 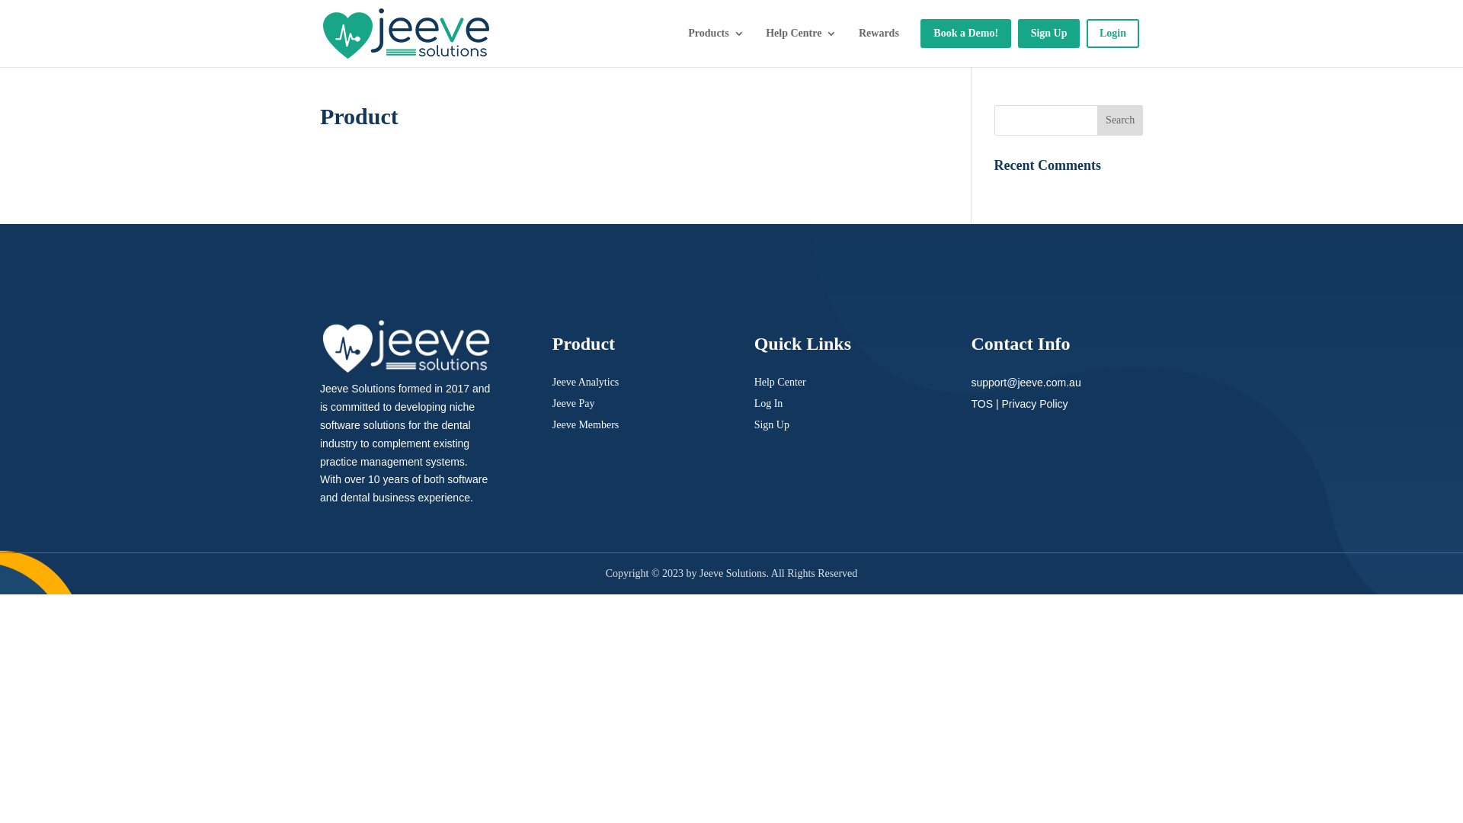 I want to click on 'Jeeve Members', so click(x=584, y=424).